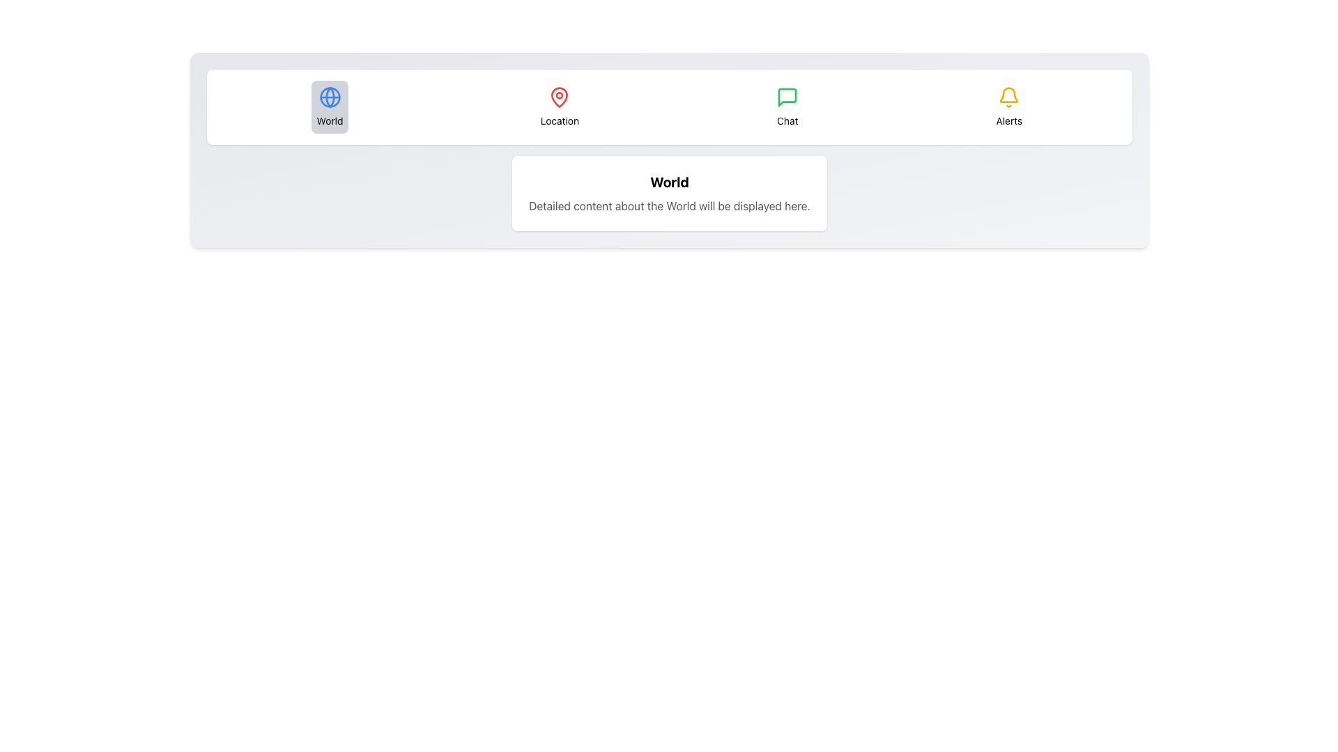  I want to click on the third button in the navigation bar that navigates to the chat section of the application, so click(787, 107).